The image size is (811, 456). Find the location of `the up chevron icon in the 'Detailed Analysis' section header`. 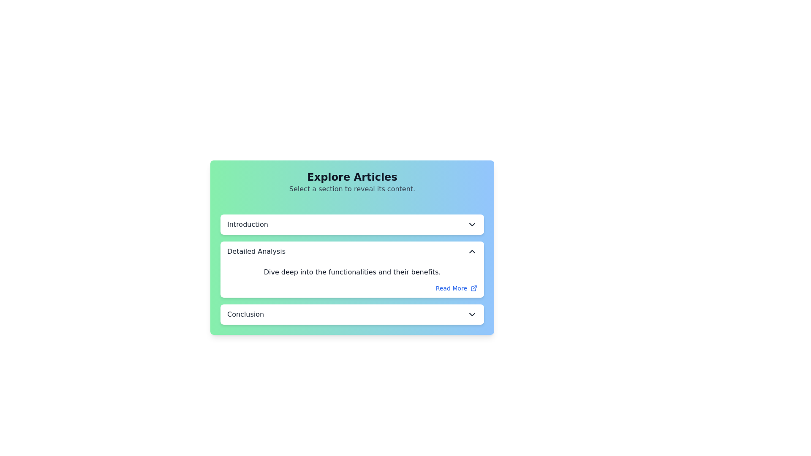

the up chevron icon in the 'Detailed Analysis' section header is located at coordinates (472, 251).